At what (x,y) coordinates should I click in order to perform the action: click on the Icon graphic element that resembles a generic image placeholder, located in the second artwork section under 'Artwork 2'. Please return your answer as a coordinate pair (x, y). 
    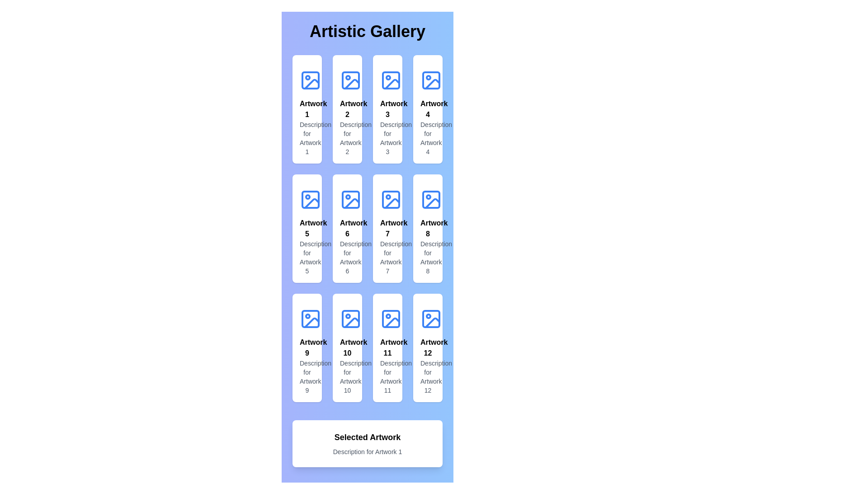
    Looking at the image, I should click on (350, 80).